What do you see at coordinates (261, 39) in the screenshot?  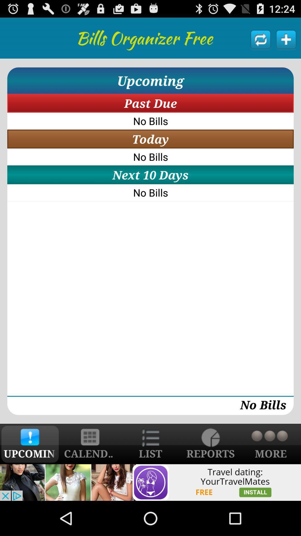 I see `click refresh button` at bounding box center [261, 39].